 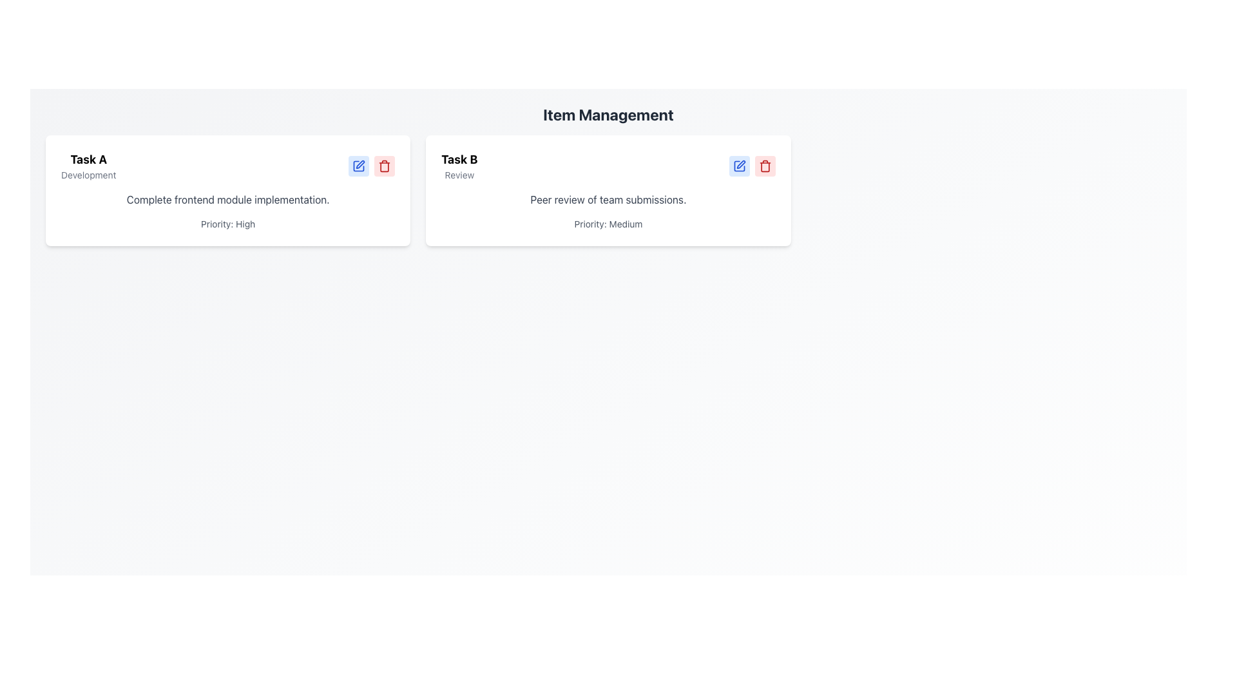 What do you see at coordinates (459, 166) in the screenshot?
I see `the Text Display Component that contains the bold 'Task B' and the smaller gray 'Review' text, located in the top-left corner of the second item card on the right in the task management grid` at bounding box center [459, 166].